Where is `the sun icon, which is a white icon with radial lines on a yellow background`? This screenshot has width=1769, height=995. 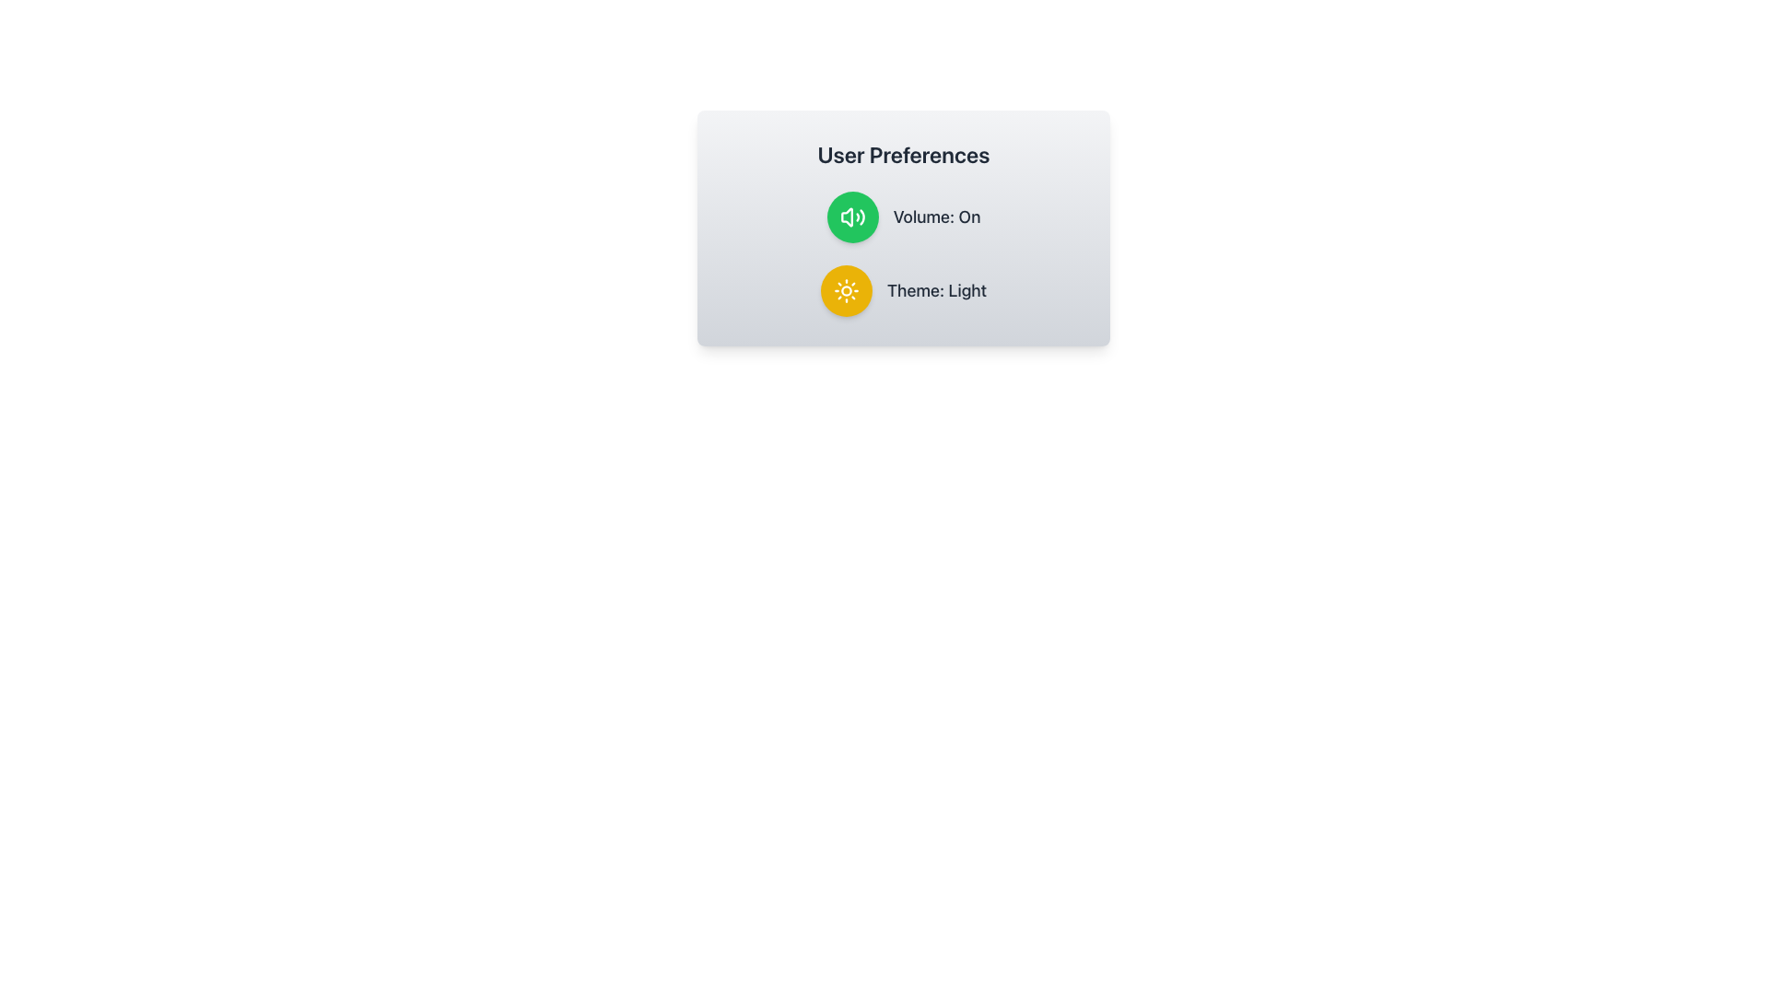
the sun icon, which is a white icon with radial lines on a yellow background is located at coordinates (845, 290).